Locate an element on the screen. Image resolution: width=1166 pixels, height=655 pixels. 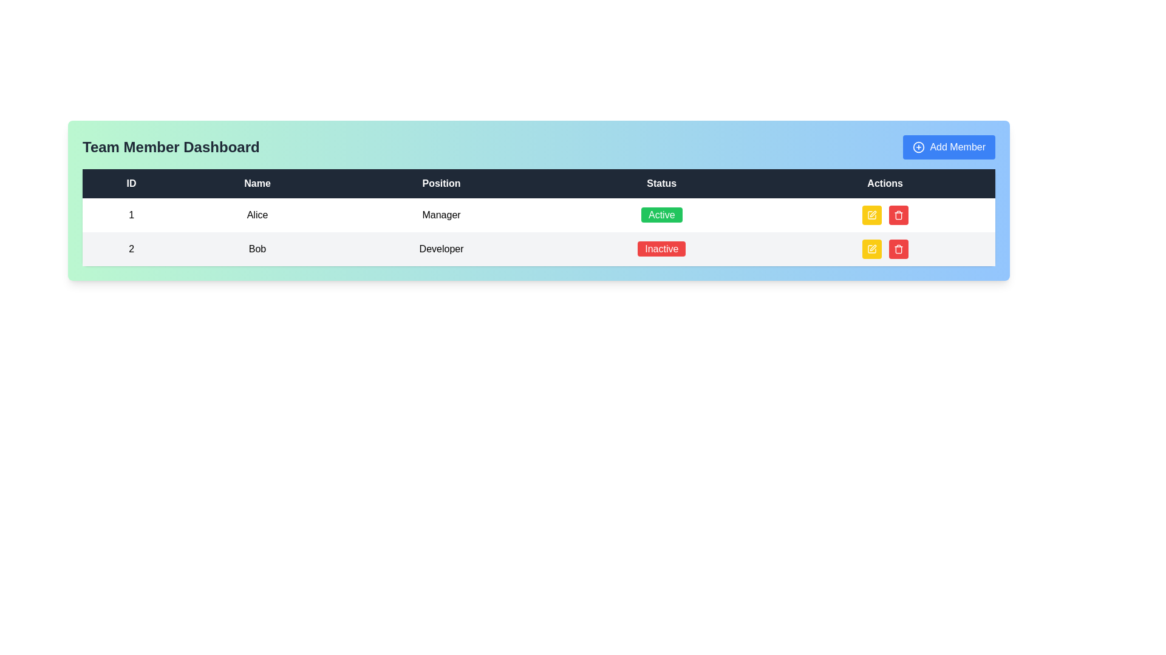
the 'Add Member' button located at the top-right corner of the interface, which includes an icon representing the action of adding new members is located at coordinates (919, 147).